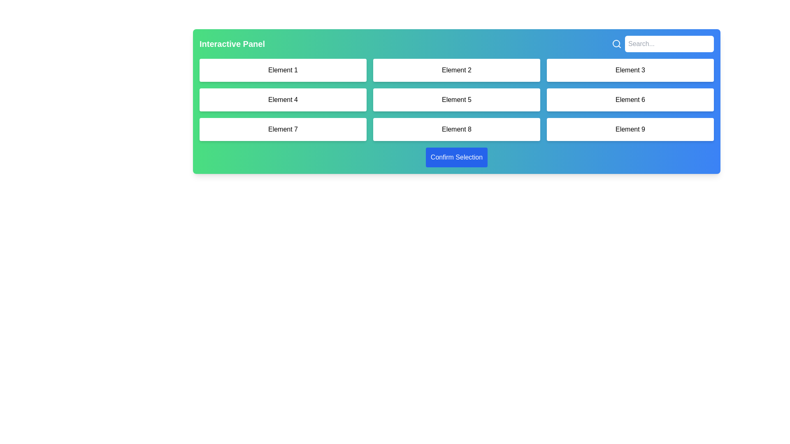 This screenshot has height=444, width=790. What do you see at coordinates (456, 154) in the screenshot?
I see `the rectangular blue button labeled 'Confirm Selection'` at bounding box center [456, 154].